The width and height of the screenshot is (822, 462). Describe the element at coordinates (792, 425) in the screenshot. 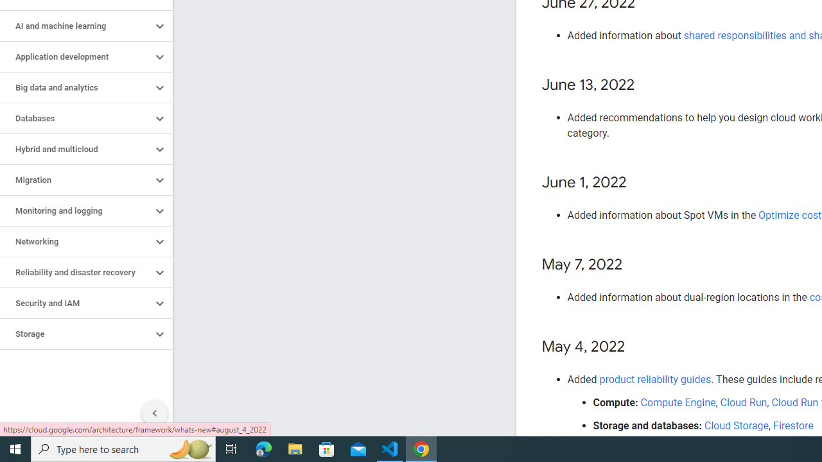

I see `'Firestore'` at that location.